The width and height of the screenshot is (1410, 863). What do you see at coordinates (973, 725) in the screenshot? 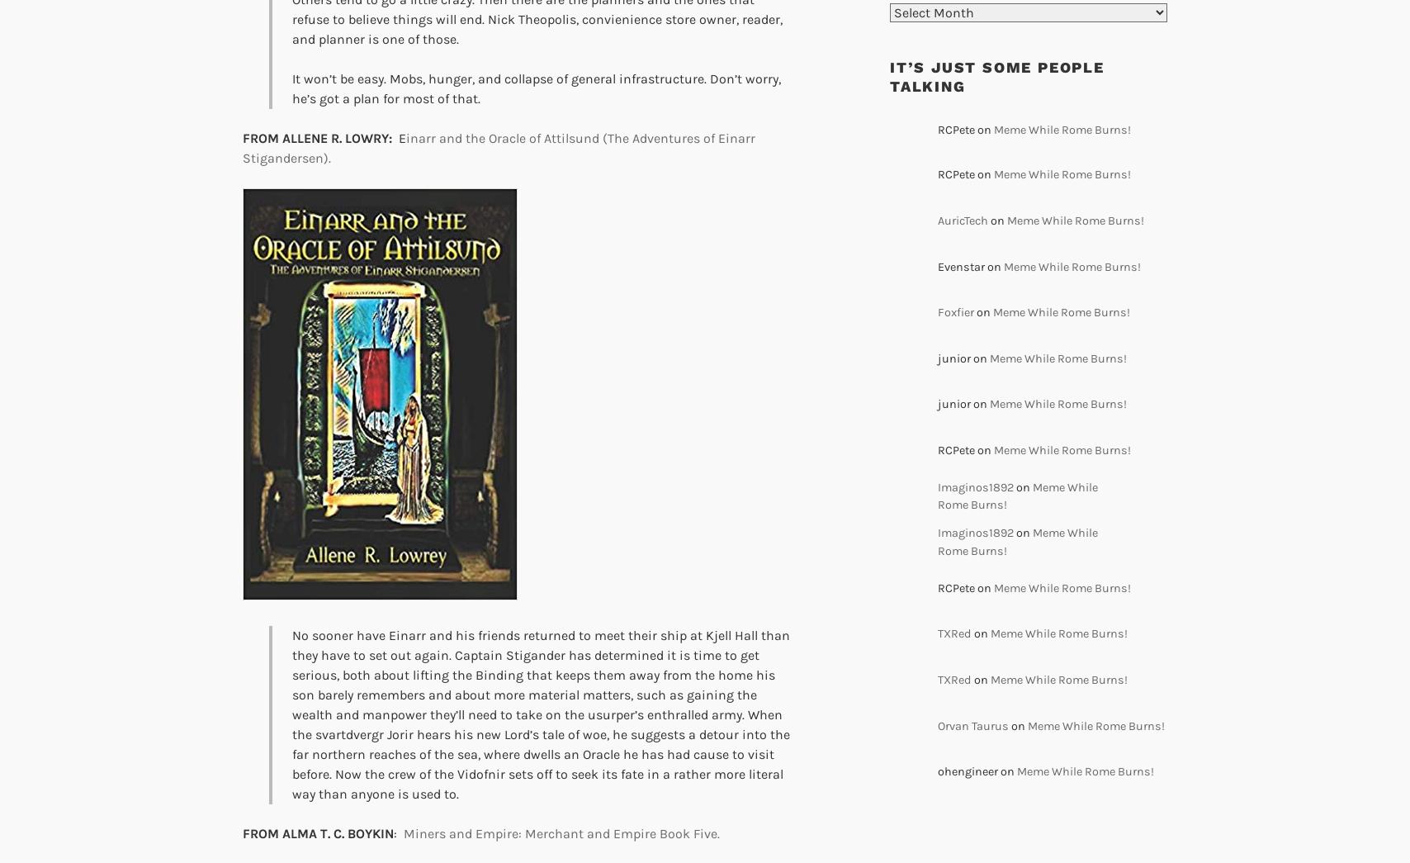
I see `'Orvan Taurus'` at bounding box center [973, 725].